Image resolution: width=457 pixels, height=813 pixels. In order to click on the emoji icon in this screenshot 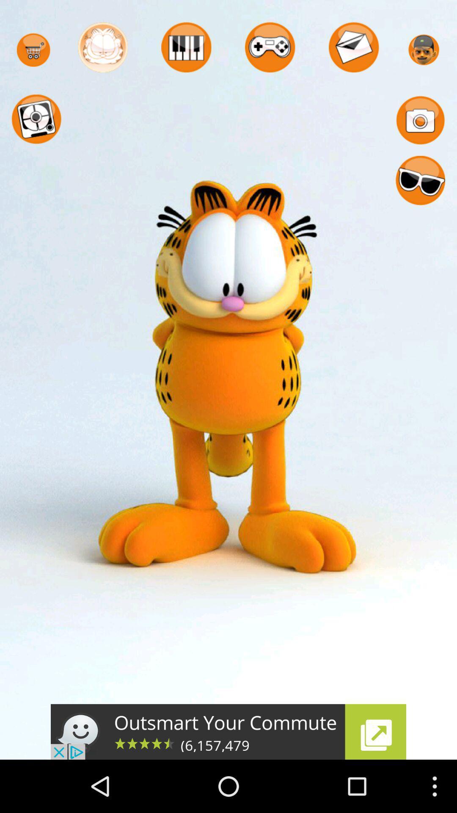, I will do `click(420, 193)`.